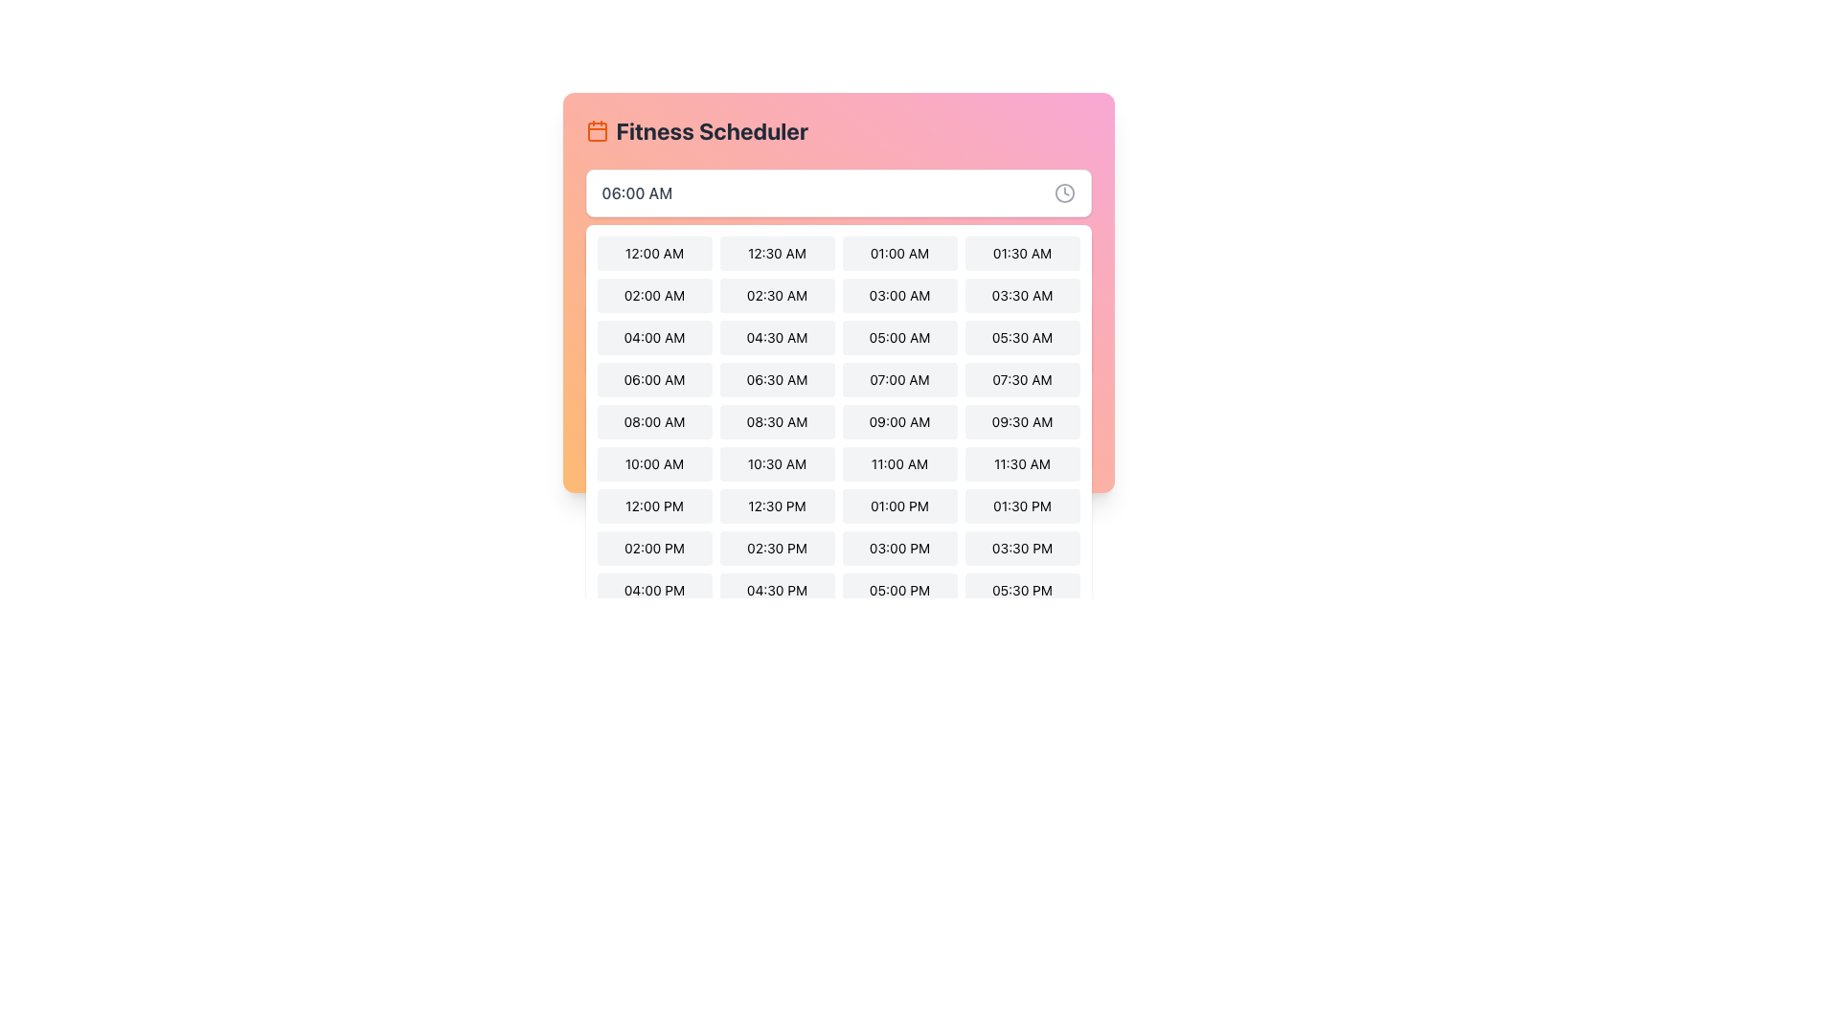 Image resolution: width=1839 pixels, height=1034 pixels. I want to click on the button displaying '12:30 AM' with a light gray background and a white rounded border, so click(777, 253).